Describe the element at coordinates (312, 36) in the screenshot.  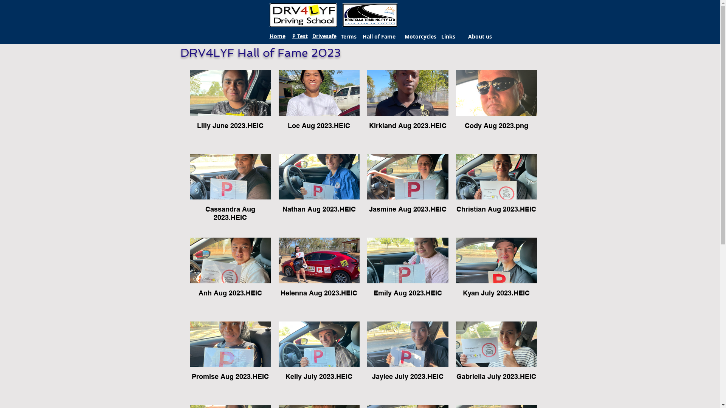
I see `'Drivesafe'` at that location.